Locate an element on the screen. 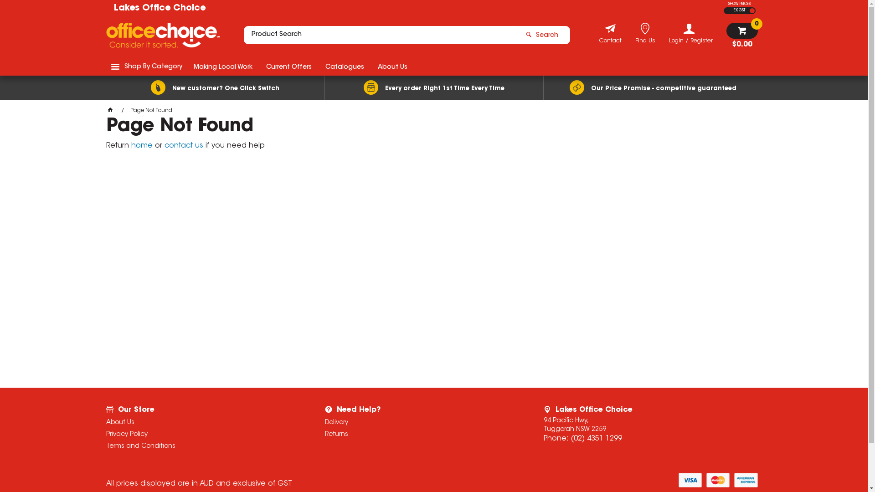 The image size is (875, 492). '$0.00 is located at coordinates (742, 35).